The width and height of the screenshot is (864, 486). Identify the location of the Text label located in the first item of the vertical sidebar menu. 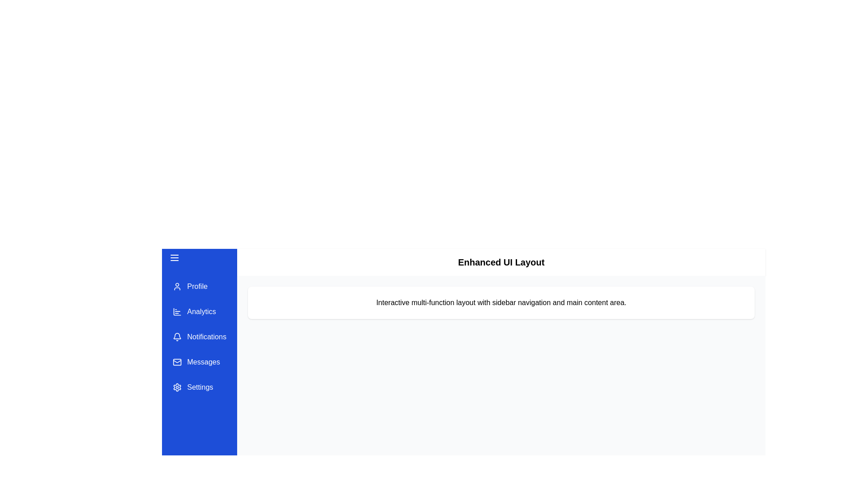
(197, 286).